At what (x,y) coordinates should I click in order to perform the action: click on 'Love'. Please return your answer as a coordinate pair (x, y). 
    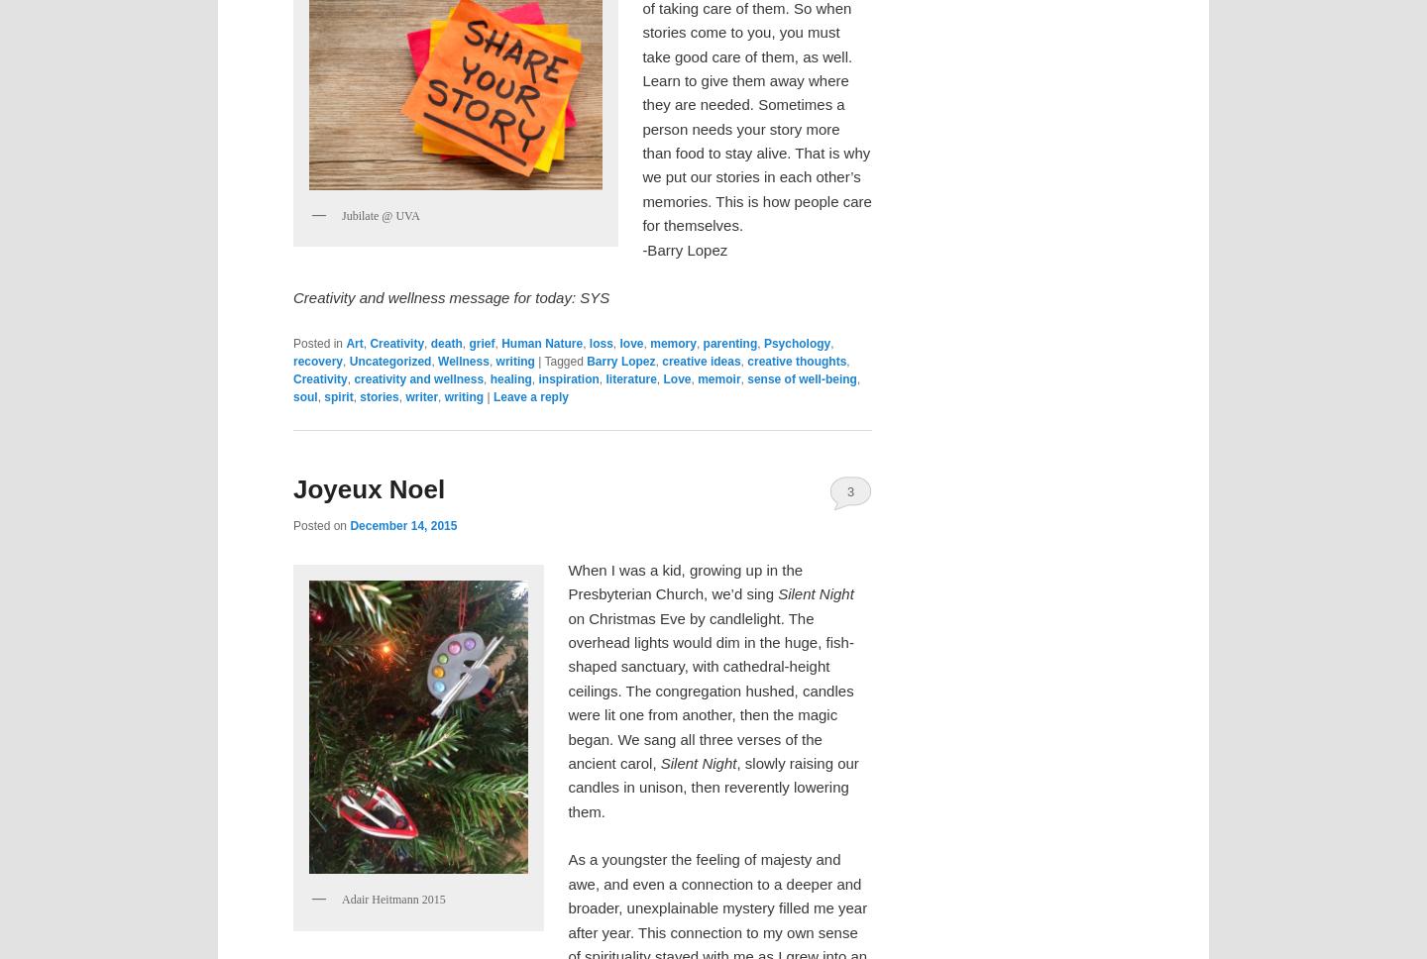
    Looking at the image, I should click on (676, 378).